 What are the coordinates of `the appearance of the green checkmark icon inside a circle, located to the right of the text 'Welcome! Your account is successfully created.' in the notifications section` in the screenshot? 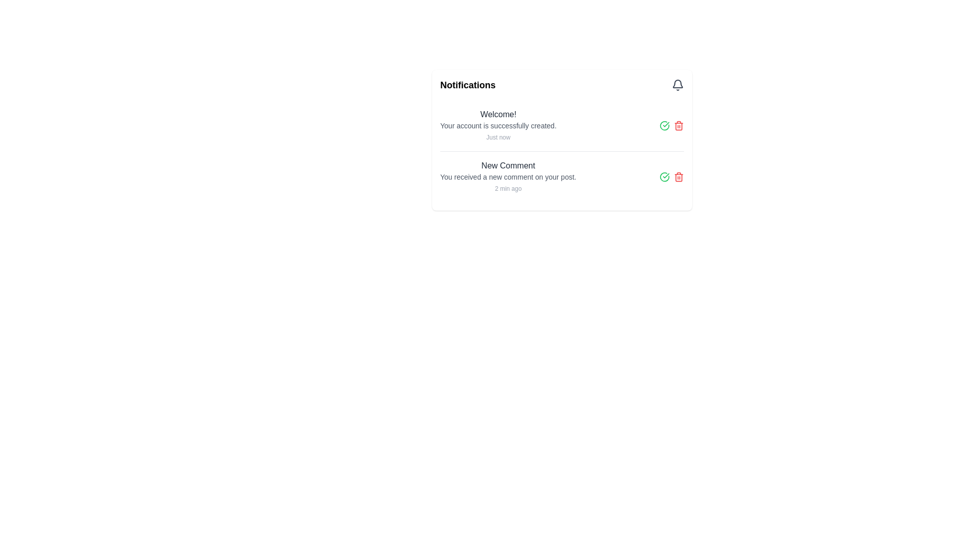 It's located at (665, 176).